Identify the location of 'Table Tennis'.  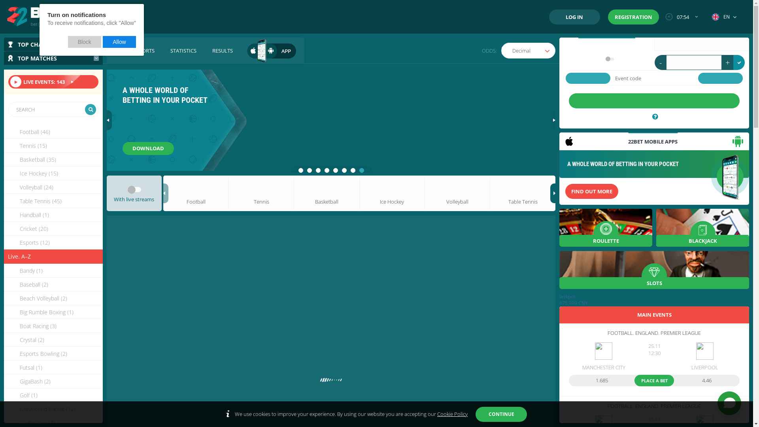
(489, 193).